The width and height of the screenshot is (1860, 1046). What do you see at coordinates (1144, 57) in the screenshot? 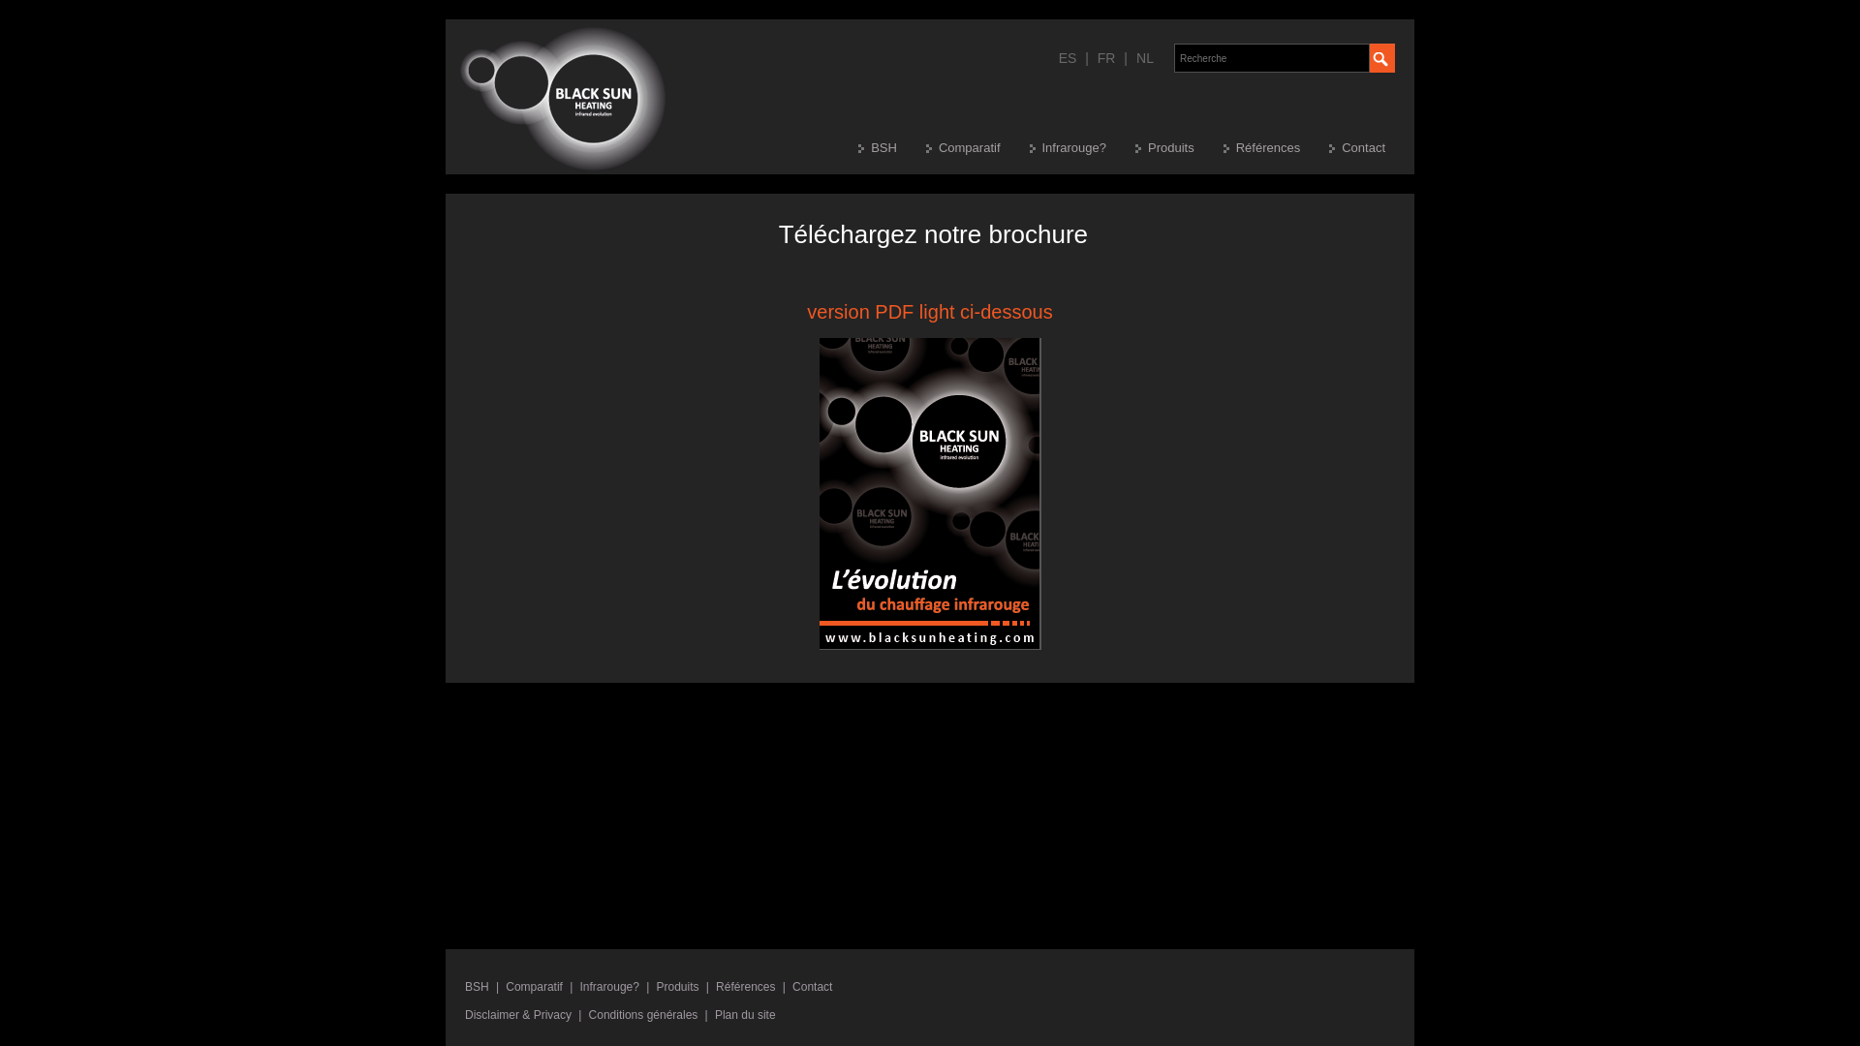
I see `'NL'` at bounding box center [1144, 57].